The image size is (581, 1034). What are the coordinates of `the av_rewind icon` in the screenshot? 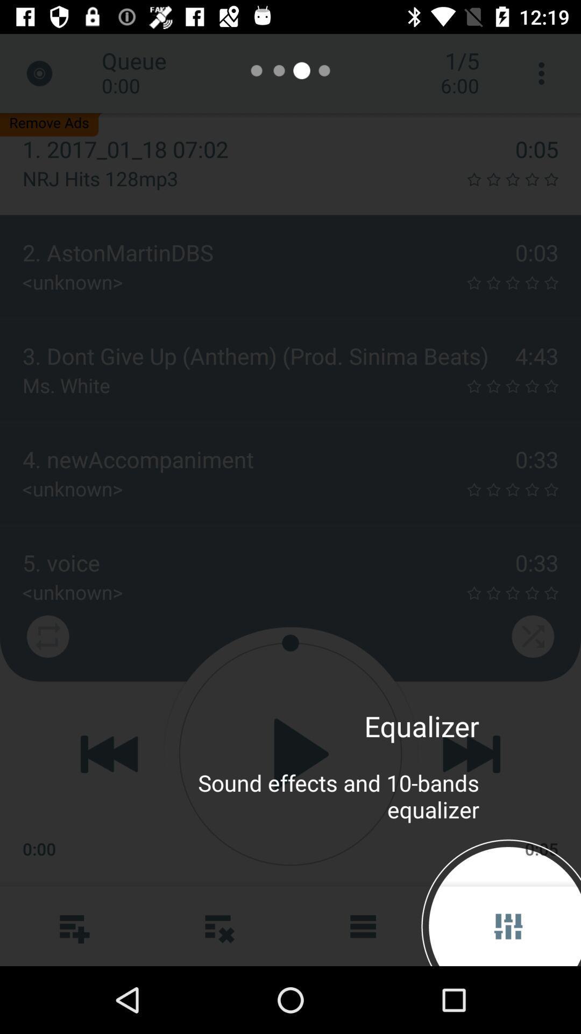 It's located at (109, 753).